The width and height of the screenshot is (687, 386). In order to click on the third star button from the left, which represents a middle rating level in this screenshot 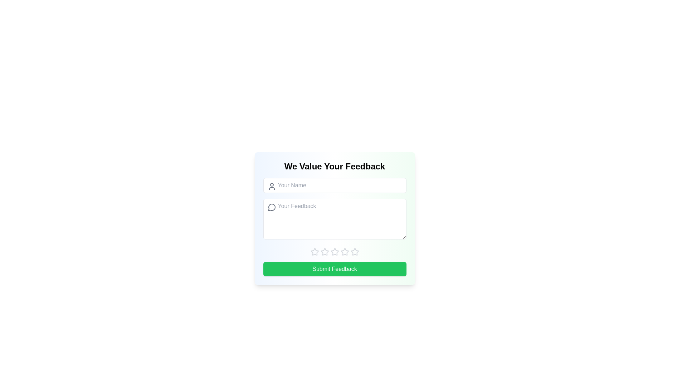, I will do `click(345, 251)`.